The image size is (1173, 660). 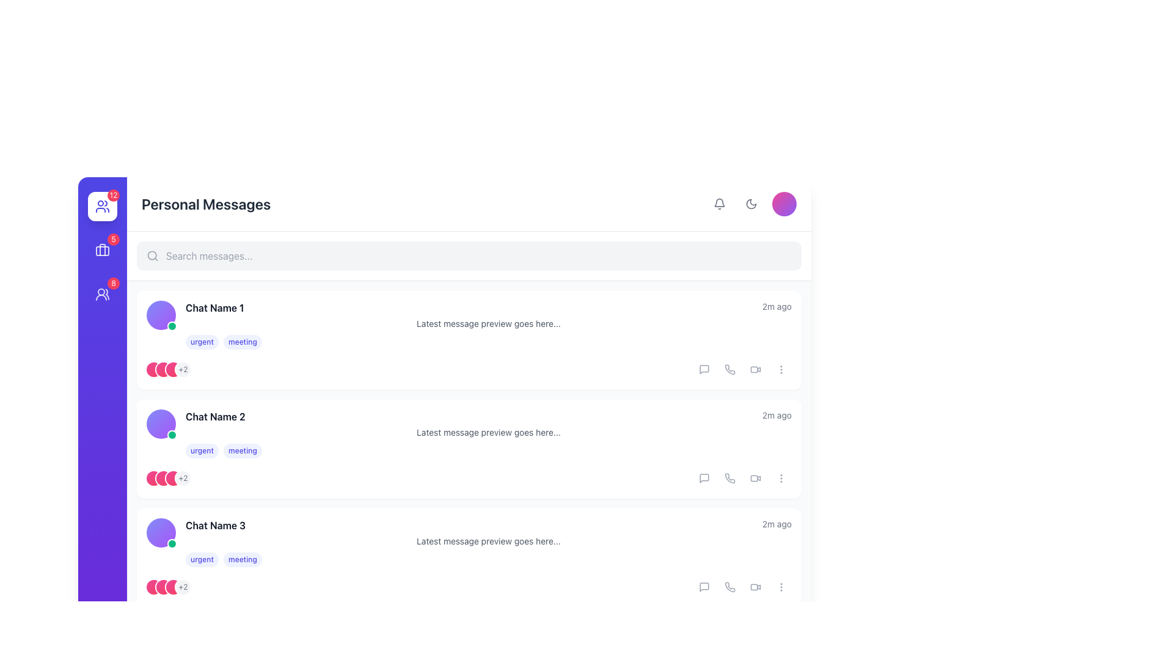 I want to click on the text label displaying 'Chat Name 1', which is styled with bold and dark gray font, located at the top-left side of a chat list item card, so click(x=214, y=307).